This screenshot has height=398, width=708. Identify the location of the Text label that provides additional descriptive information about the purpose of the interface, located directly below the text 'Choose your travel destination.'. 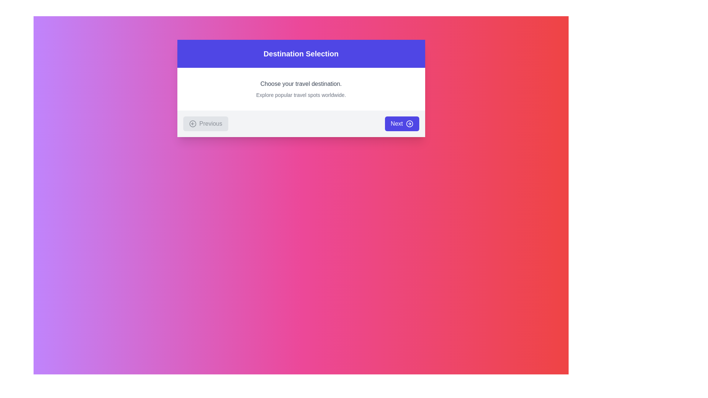
(301, 95).